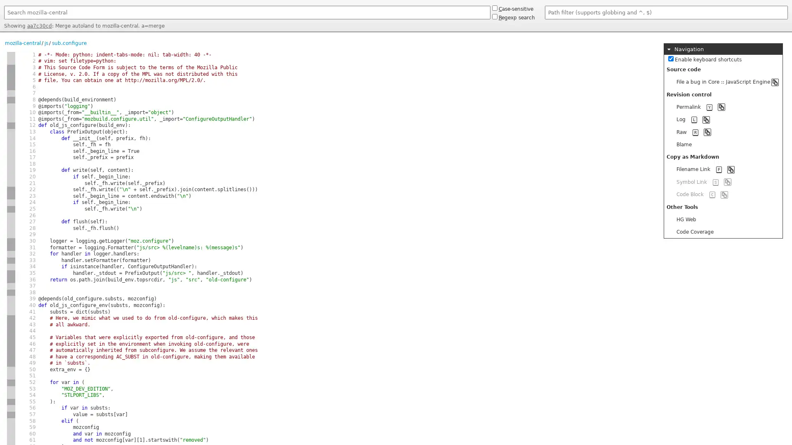 This screenshot has height=445, width=792. Describe the element at coordinates (11, 54) in the screenshot. I see `new hash 1` at that location.